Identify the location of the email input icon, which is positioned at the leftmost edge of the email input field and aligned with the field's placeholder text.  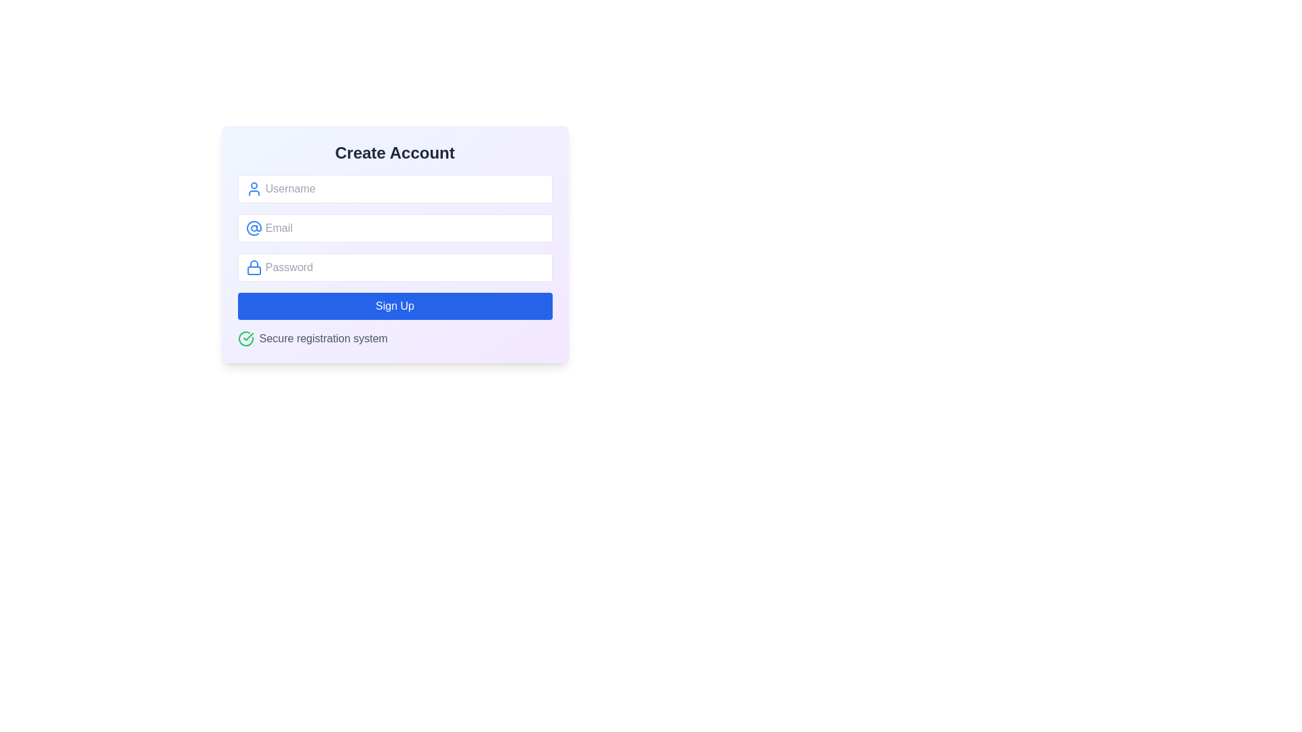
(254, 227).